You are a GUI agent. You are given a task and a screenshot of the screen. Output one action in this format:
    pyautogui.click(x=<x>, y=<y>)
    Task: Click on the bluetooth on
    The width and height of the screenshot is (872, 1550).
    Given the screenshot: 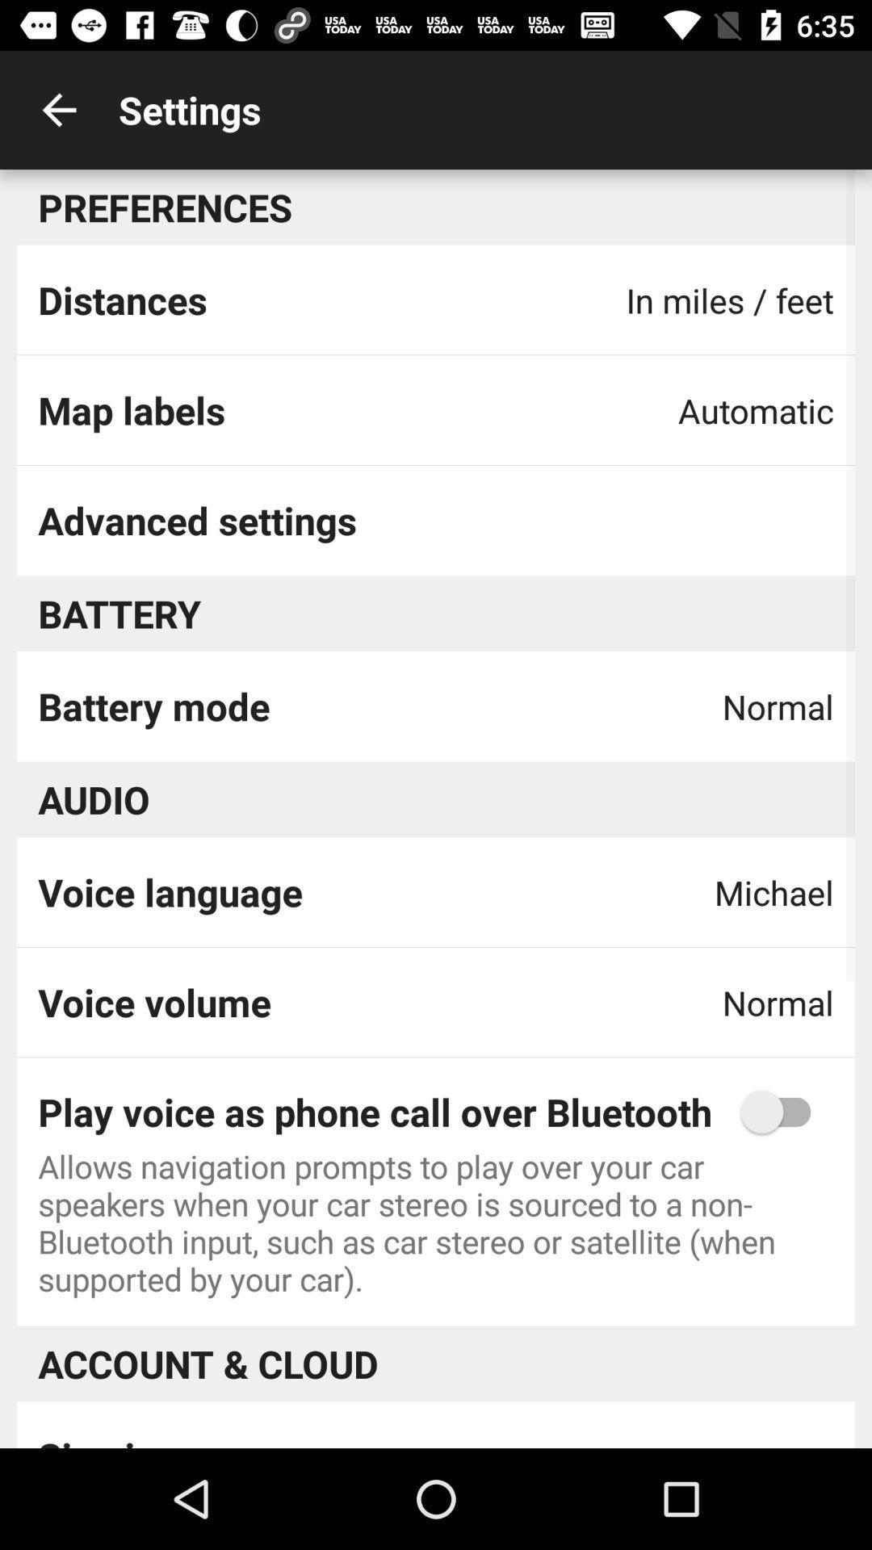 What is the action you would take?
    pyautogui.click(x=782, y=1111)
    